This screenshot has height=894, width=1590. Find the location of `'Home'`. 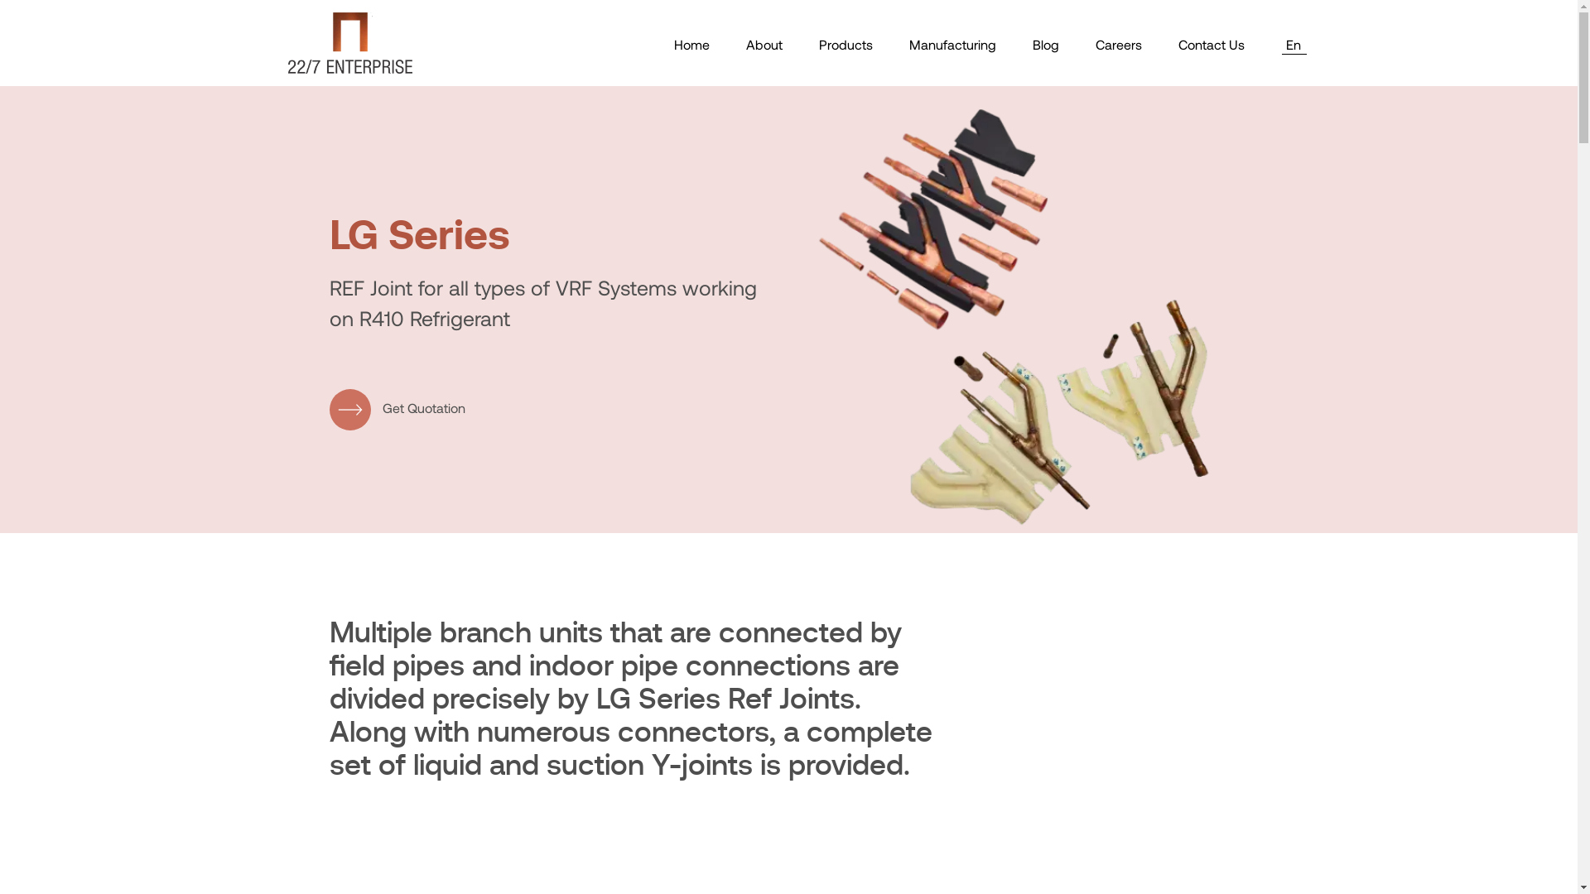

'Home' is located at coordinates (691, 43).